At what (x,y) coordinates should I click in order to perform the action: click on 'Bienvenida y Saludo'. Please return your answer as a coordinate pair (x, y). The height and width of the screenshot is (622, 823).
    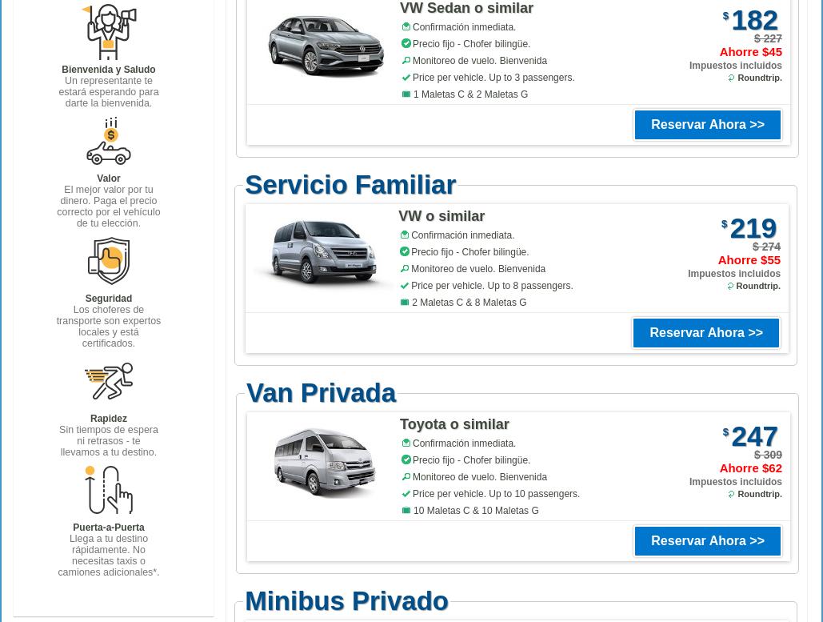
    Looking at the image, I should click on (107, 69).